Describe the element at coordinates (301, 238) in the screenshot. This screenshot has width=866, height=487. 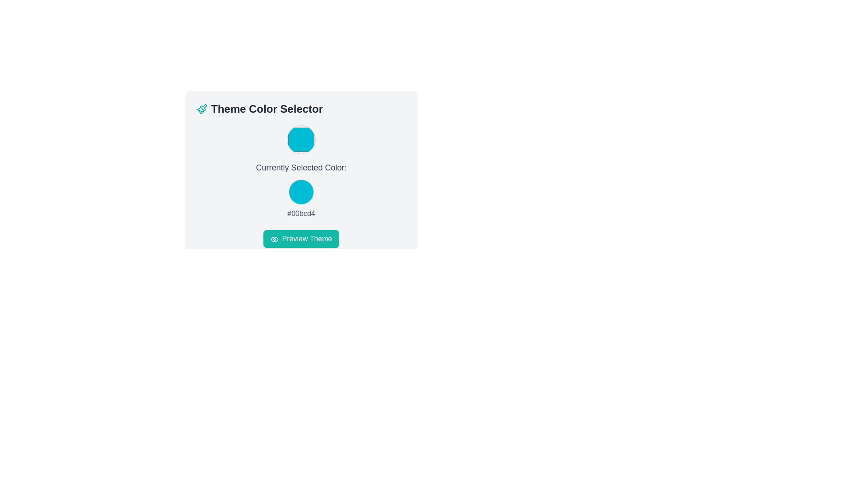
I see `the rectangular button with rounded corners featuring a teal background and white text that says 'Preview Theme' to observe potential hover effects` at that location.